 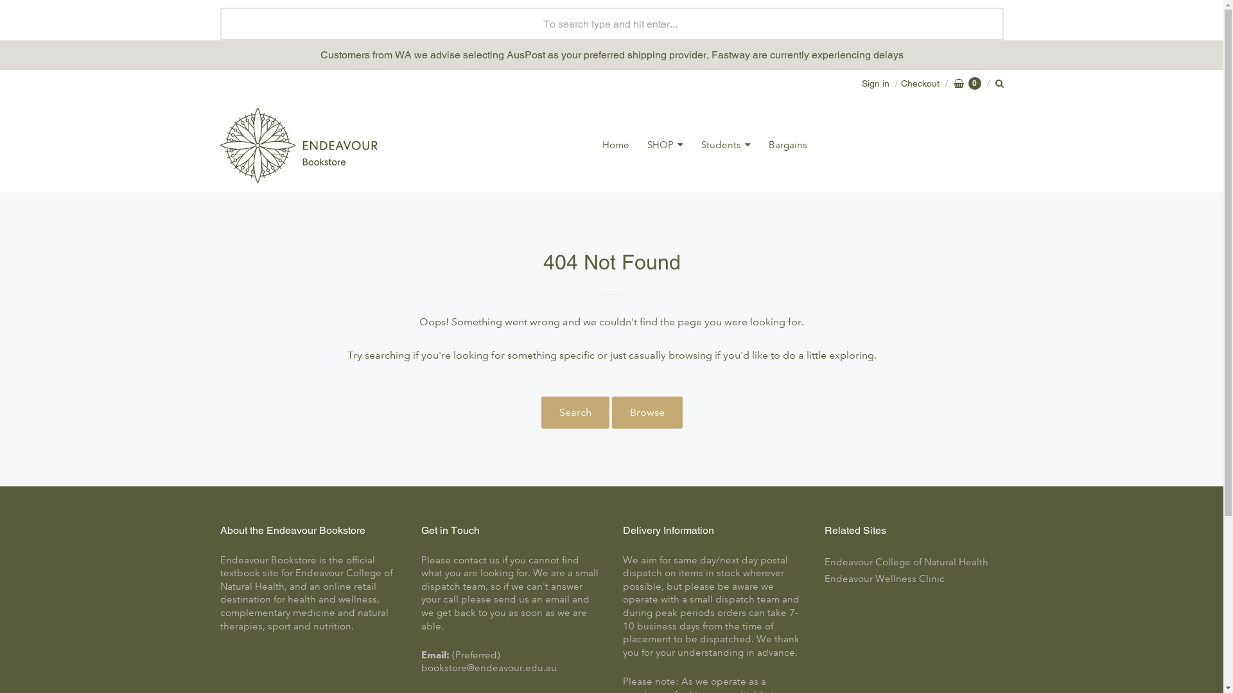 What do you see at coordinates (297, 144) in the screenshot?
I see `'Endeavour Bookstore'` at bounding box center [297, 144].